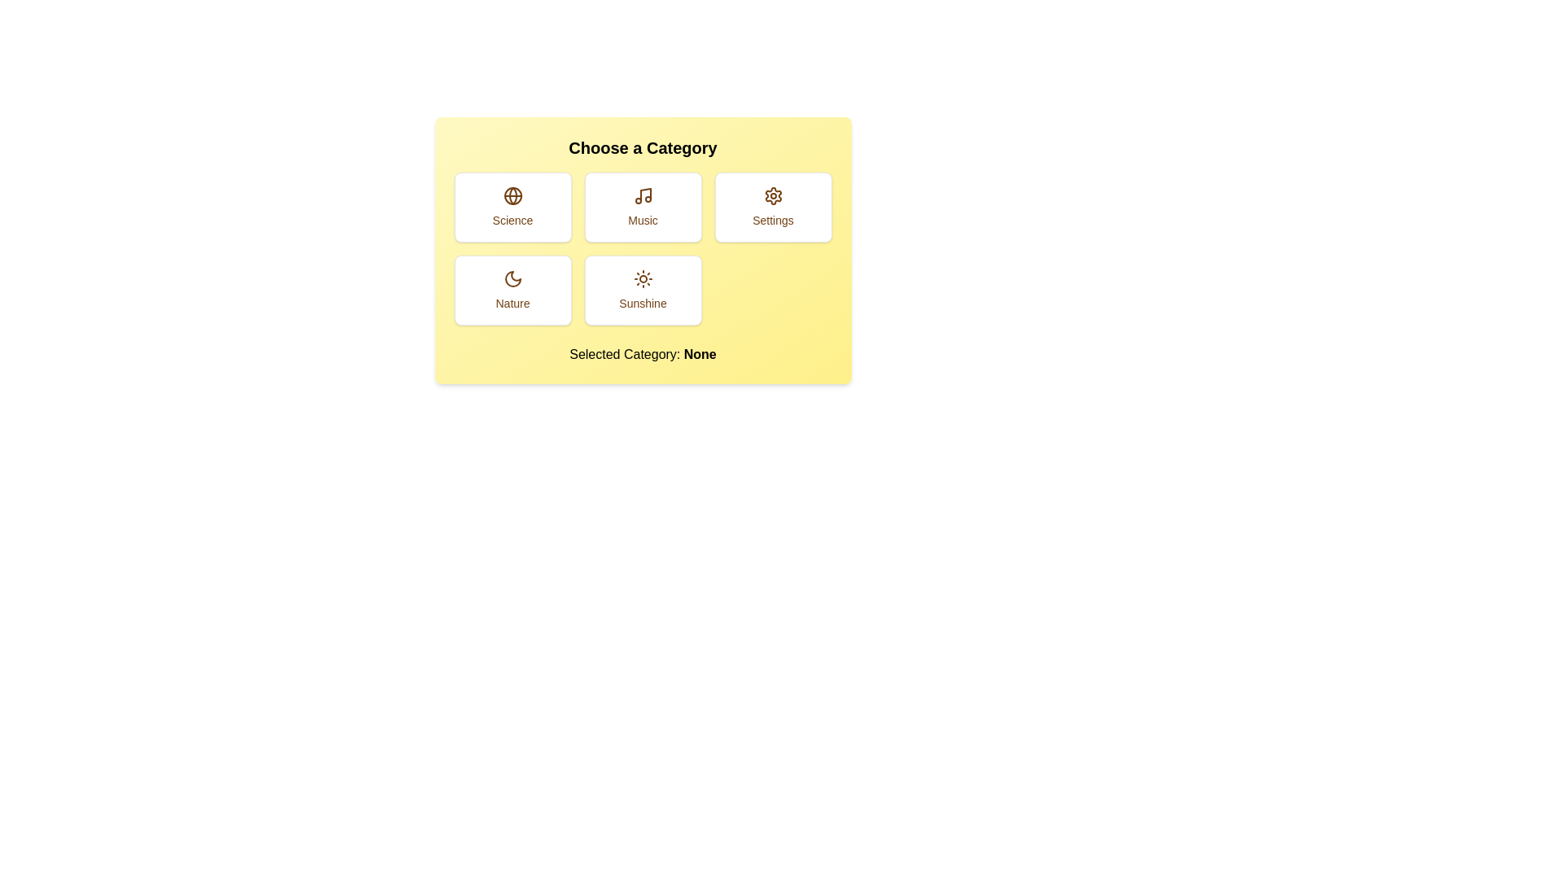  I want to click on the 'Settings' button, which is a rectangular button with rounded edges and a gear icon, so click(772, 206).